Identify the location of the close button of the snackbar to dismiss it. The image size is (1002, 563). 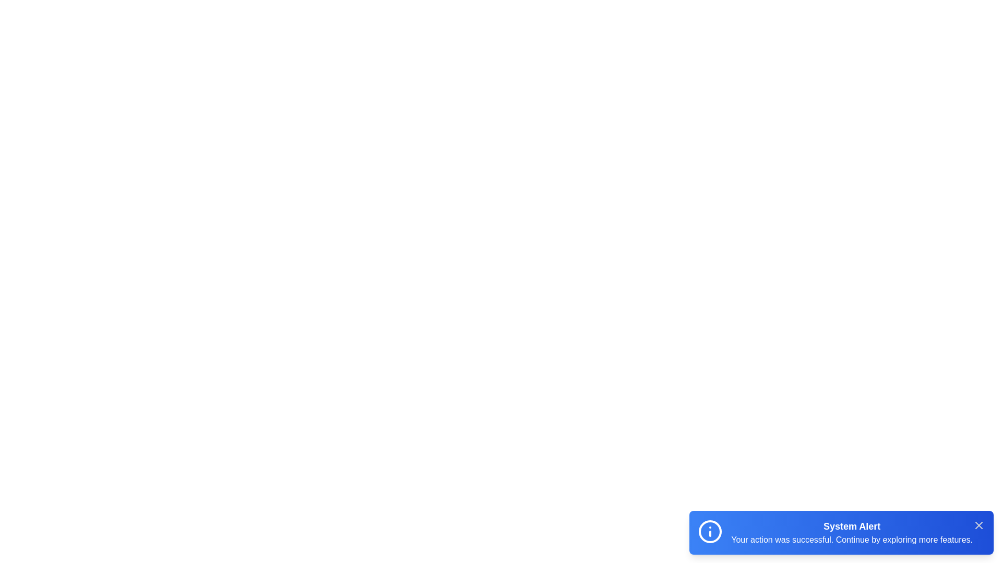
(979, 525).